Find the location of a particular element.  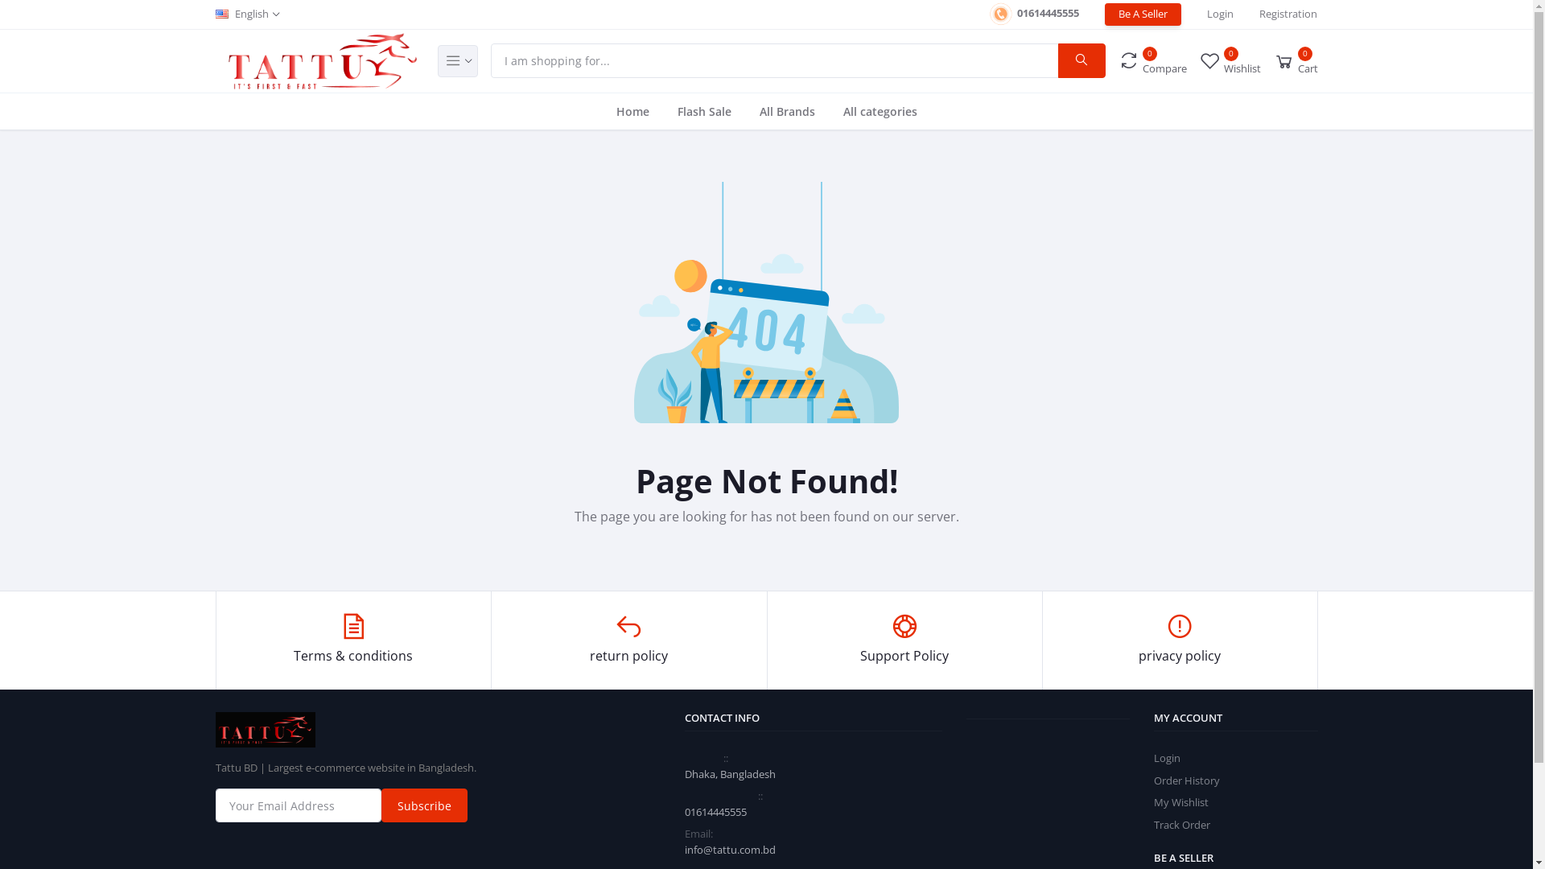

'All Brands' is located at coordinates (787, 110).